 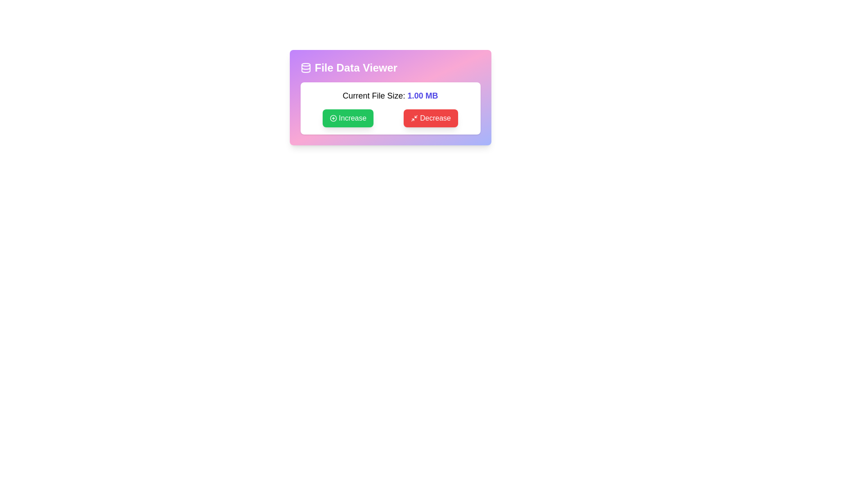 What do you see at coordinates (390, 67) in the screenshot?
I see `the title or header label with an accompanying icon at the top section of the card representing file data` at bounding box center [390, 67].